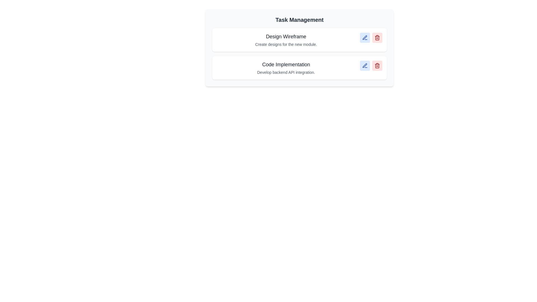  What do you see at coordinates (365, 65) in the screenshot?
I see `edit button for the task with title Code Implementation` at bounding box center [365, 65].